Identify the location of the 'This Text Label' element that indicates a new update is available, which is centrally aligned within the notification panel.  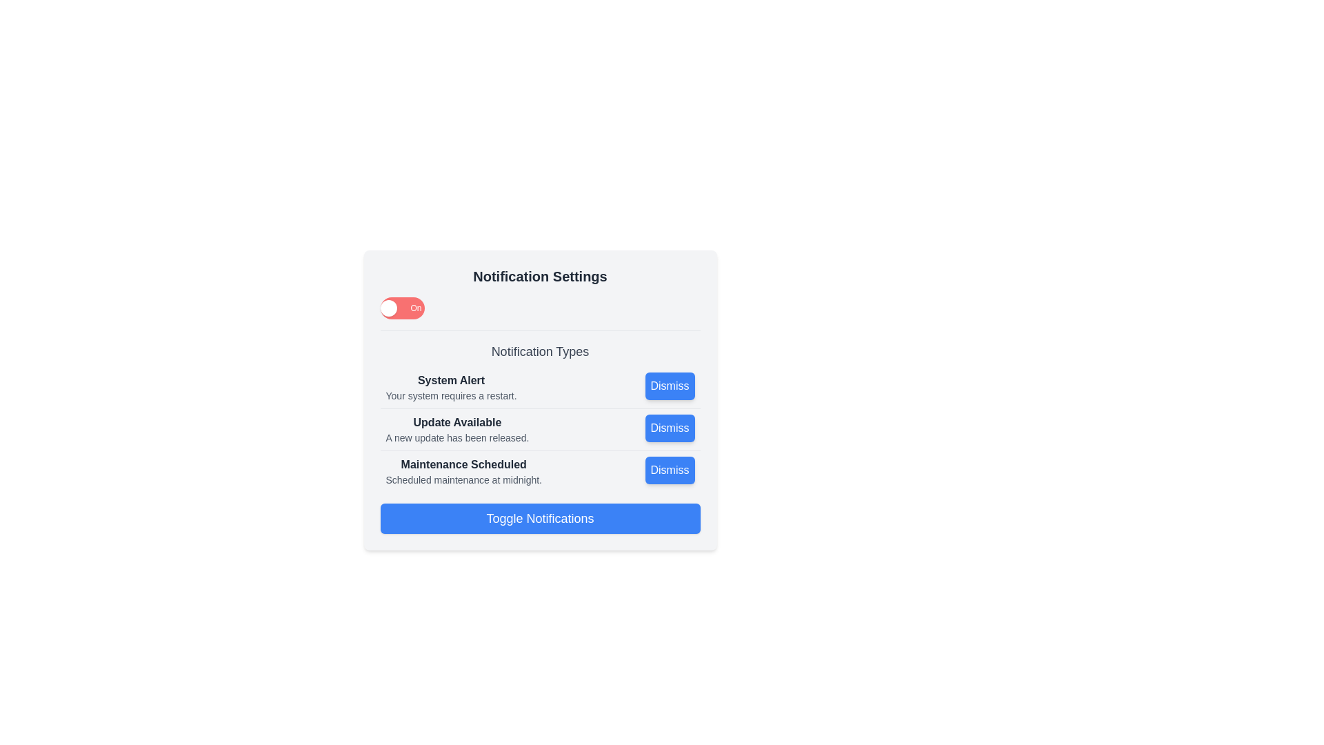
(457, 422).